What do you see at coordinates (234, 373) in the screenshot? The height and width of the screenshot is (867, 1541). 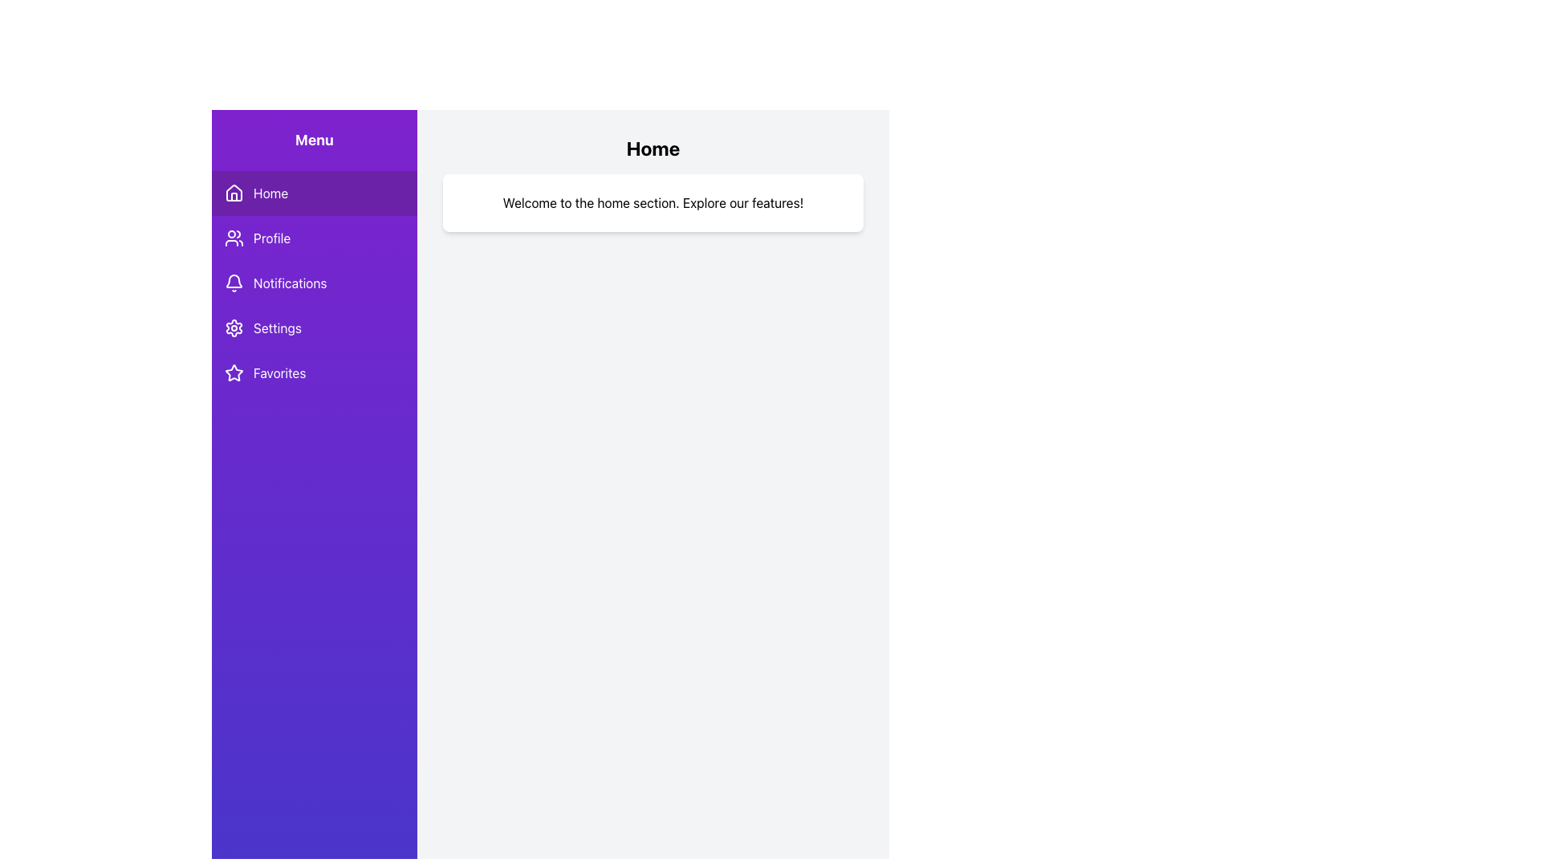 I see `the star-shaped icon with a purple background and white lines, located adjacent to the 'Favorites' text in the sidebar menu` at bounding box center [234, 373].